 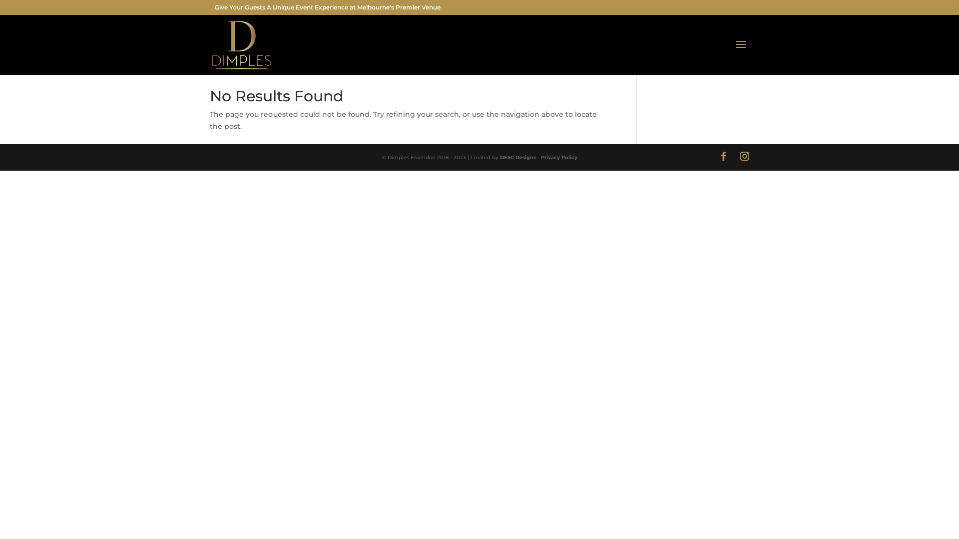 What do you see at coordinates (499, 157) in the screenshot?
I see `'DESC Designs'` at bounding box center [499, 157].